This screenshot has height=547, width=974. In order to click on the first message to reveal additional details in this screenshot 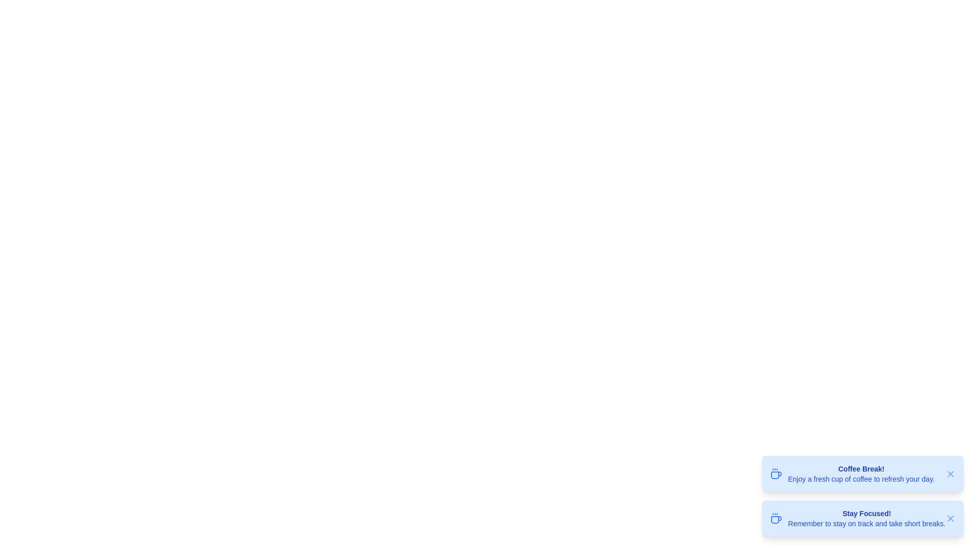, I will do `click(861, 474)`.